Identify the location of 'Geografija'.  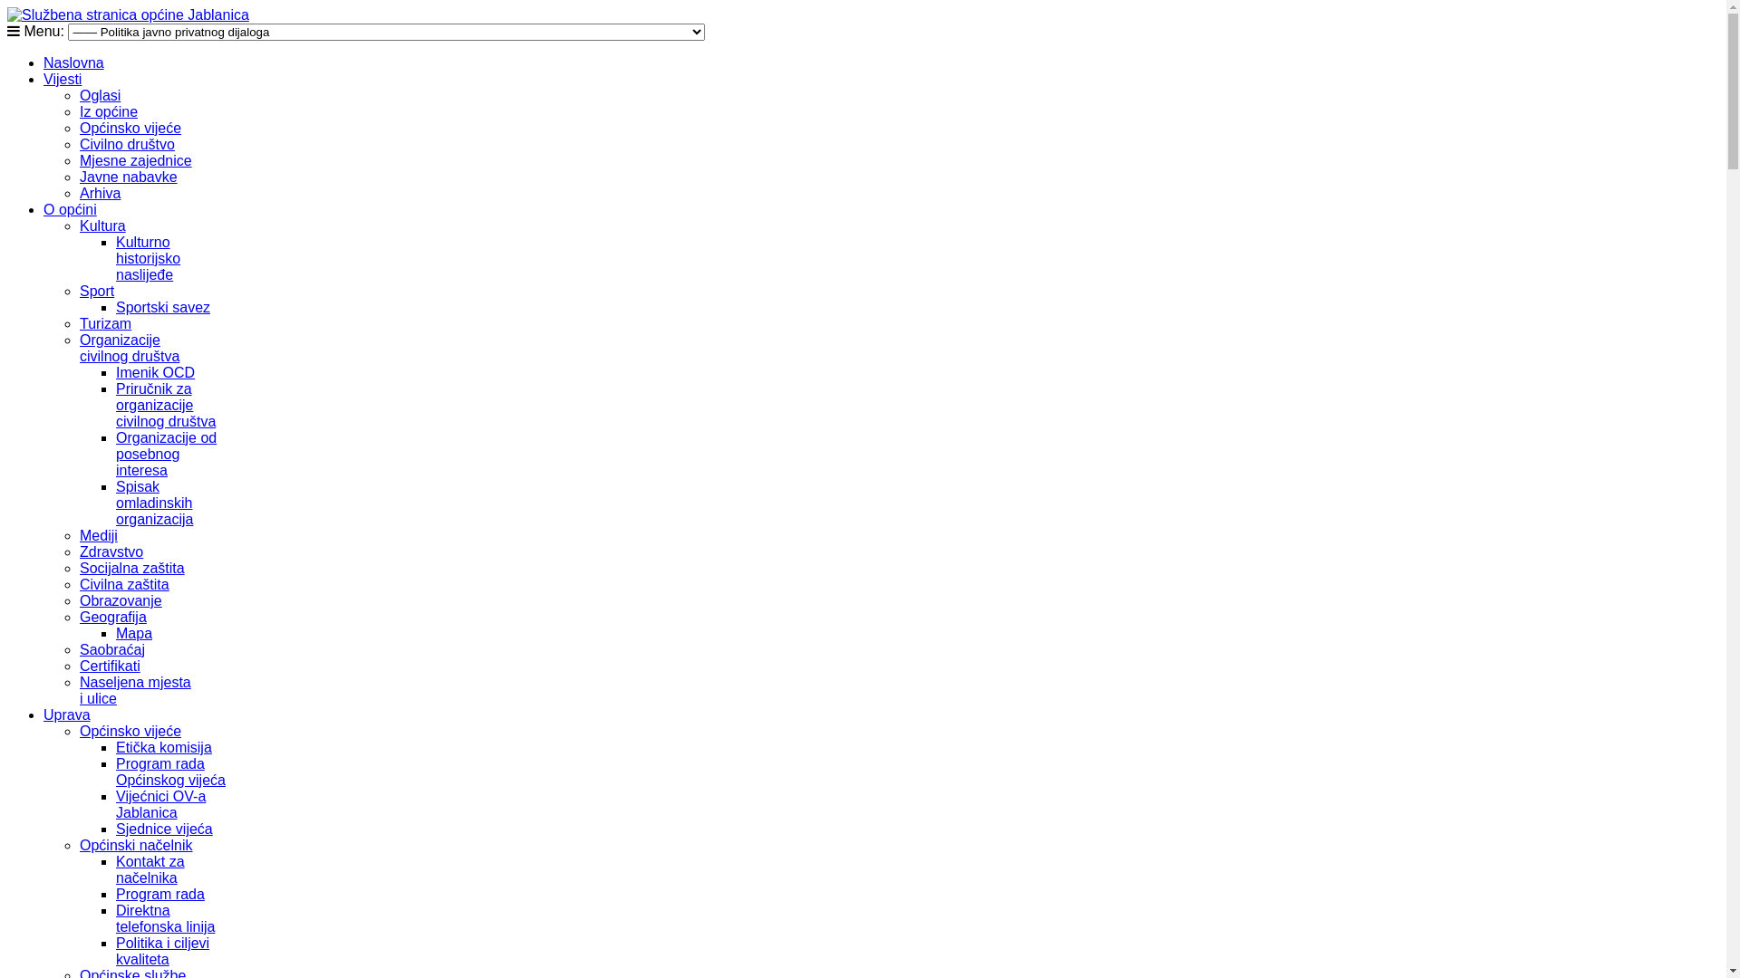
(111, 616).